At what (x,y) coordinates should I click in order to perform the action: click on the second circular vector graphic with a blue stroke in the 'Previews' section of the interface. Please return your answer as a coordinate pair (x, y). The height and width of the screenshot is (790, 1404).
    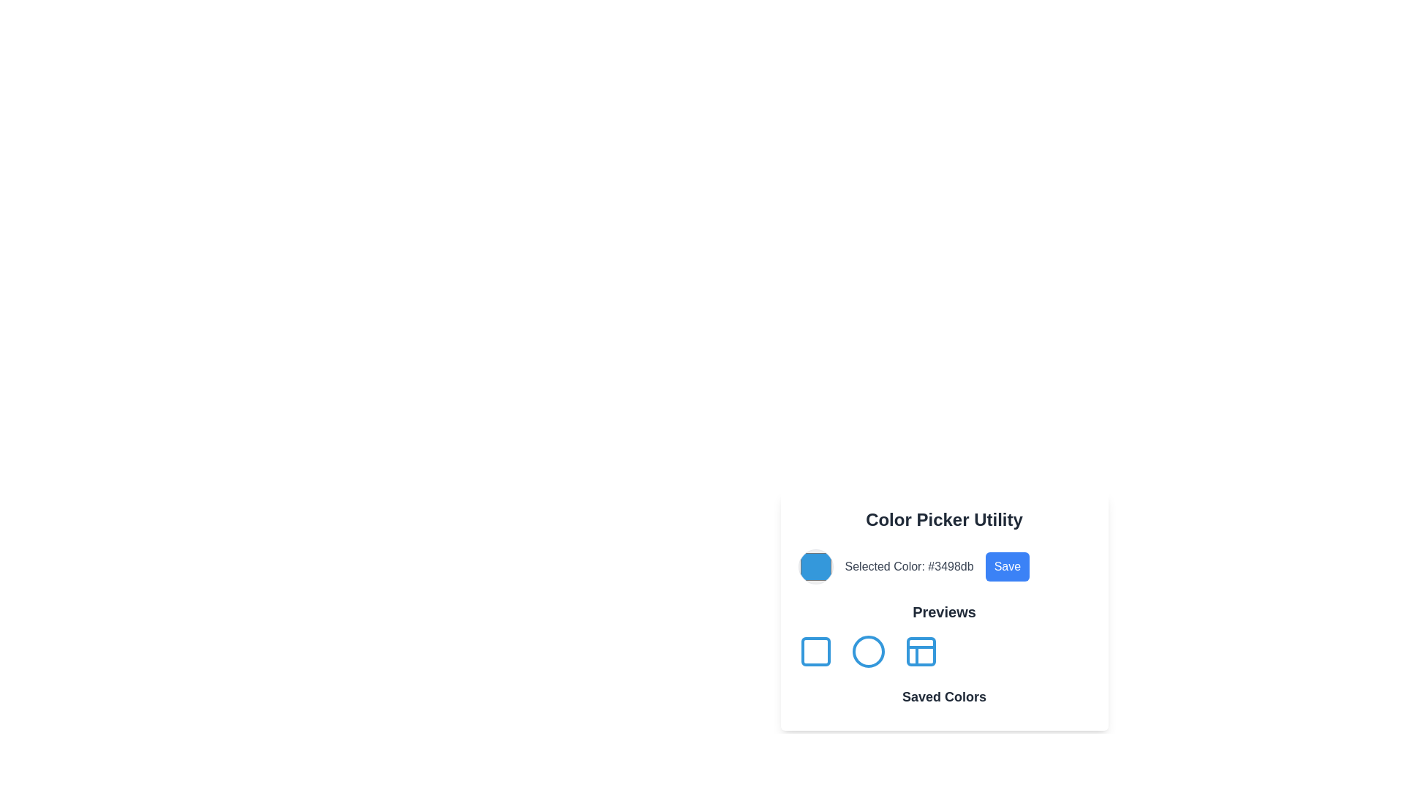
    Looking at the image, I should click on (868, 651).